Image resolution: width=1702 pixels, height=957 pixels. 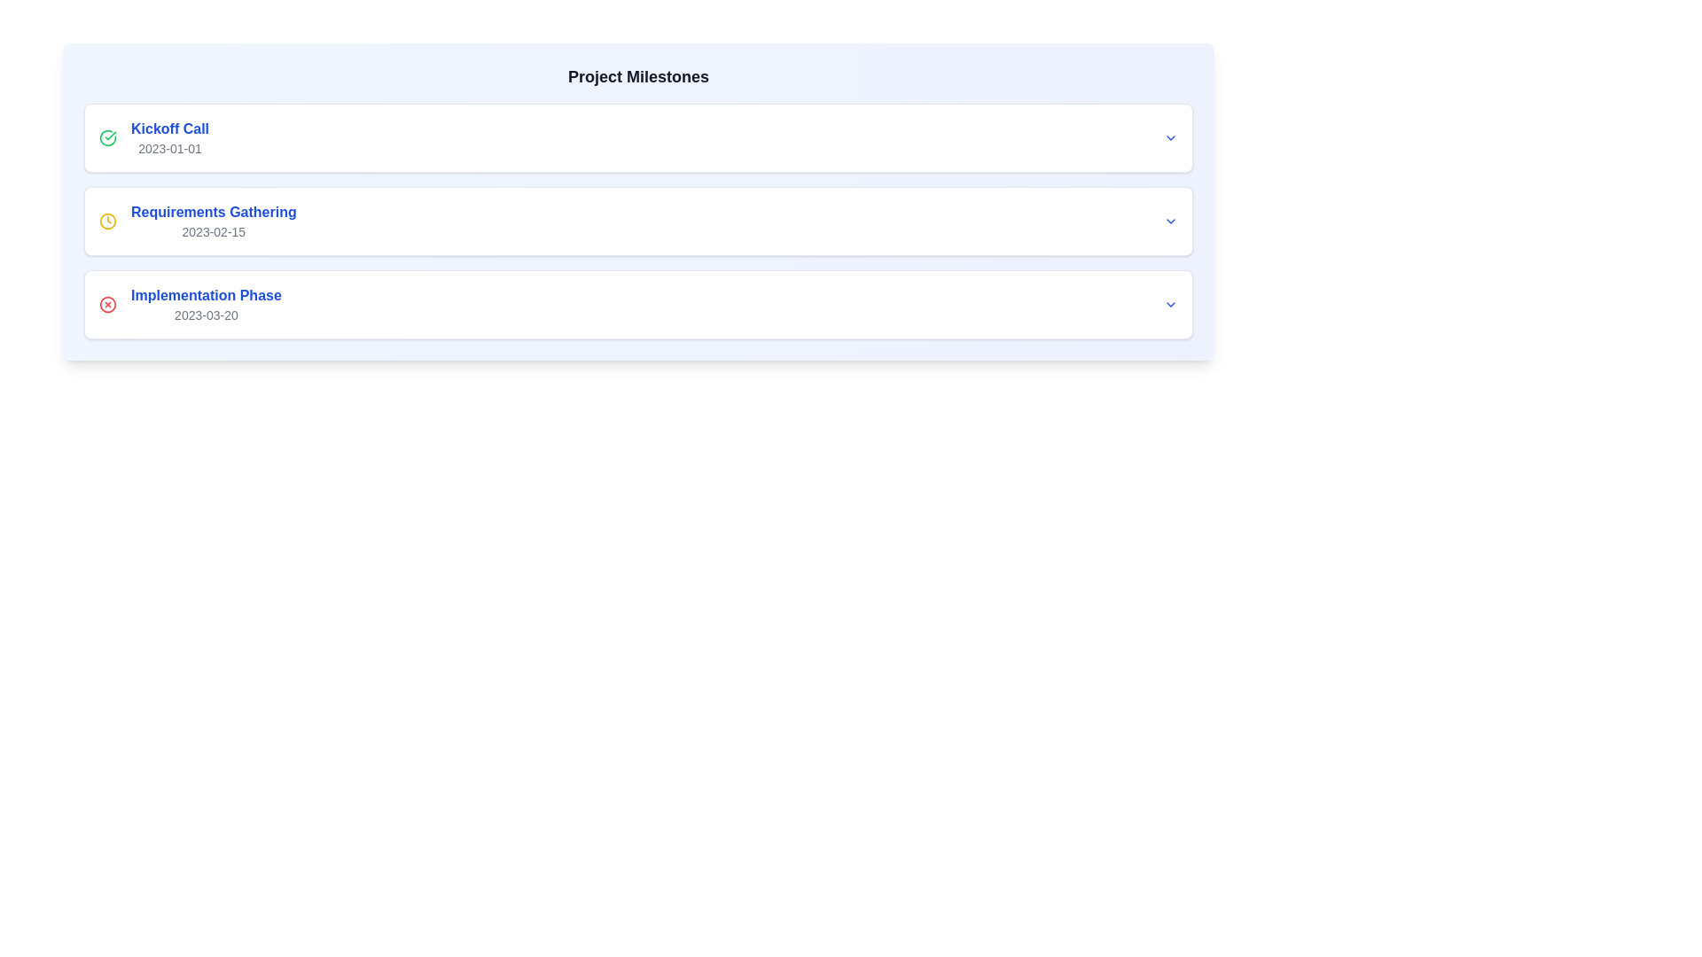 I want to click on the second row item in the 'Project Milestones' list, so click(x=638, y=221).